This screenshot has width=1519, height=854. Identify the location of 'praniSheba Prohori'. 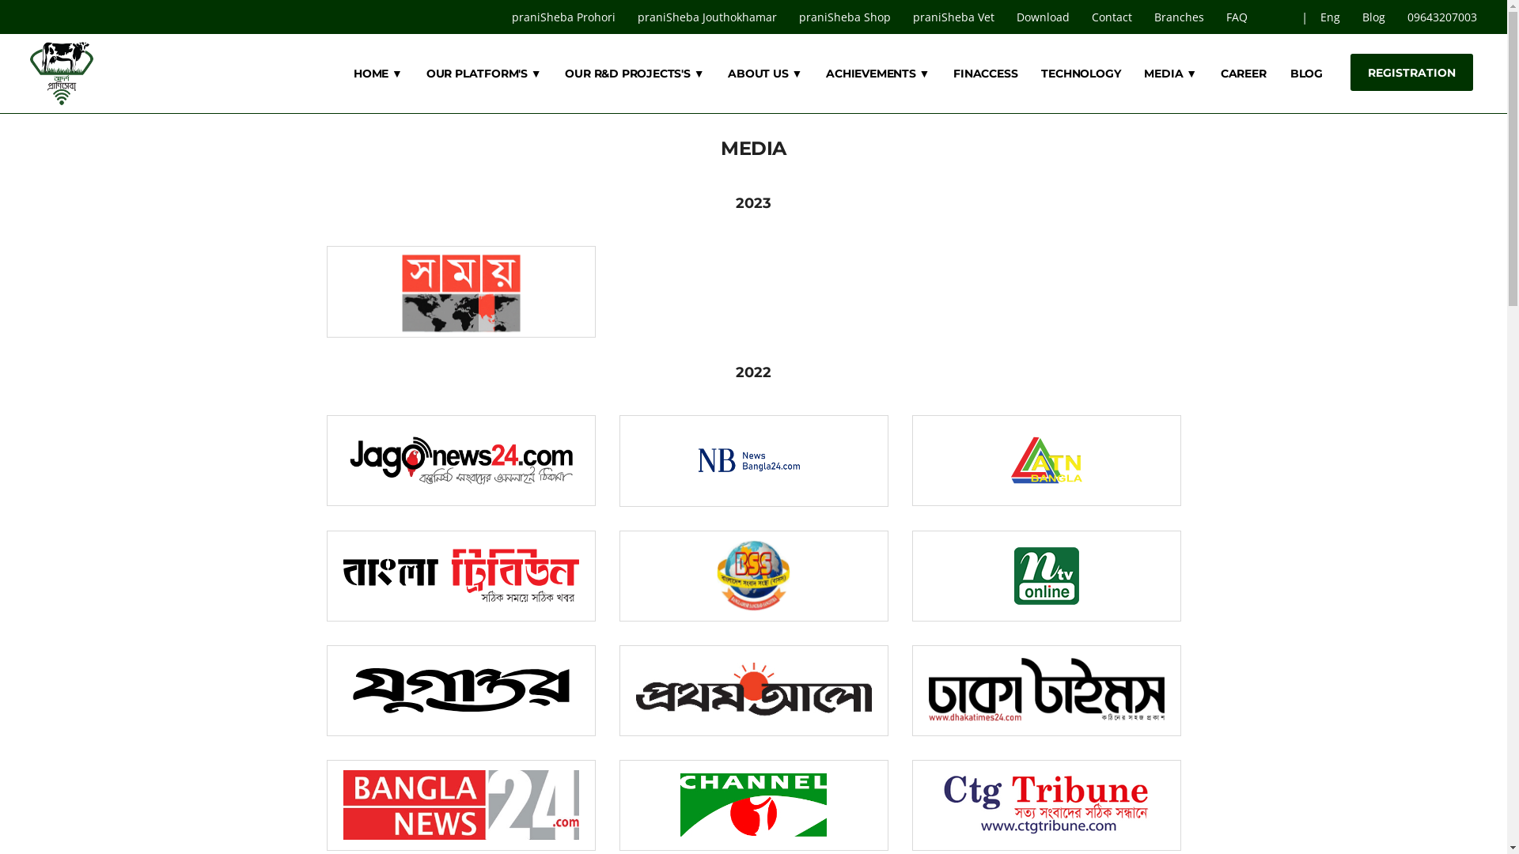
(501, 17).